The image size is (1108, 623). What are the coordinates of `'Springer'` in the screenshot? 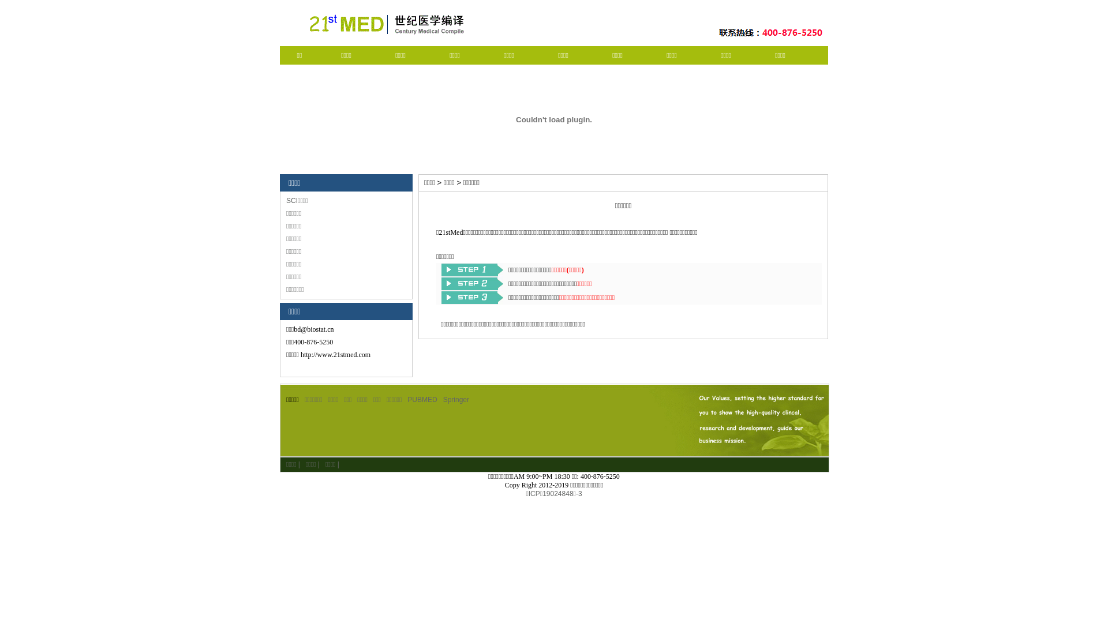 It's located at (455, 399).